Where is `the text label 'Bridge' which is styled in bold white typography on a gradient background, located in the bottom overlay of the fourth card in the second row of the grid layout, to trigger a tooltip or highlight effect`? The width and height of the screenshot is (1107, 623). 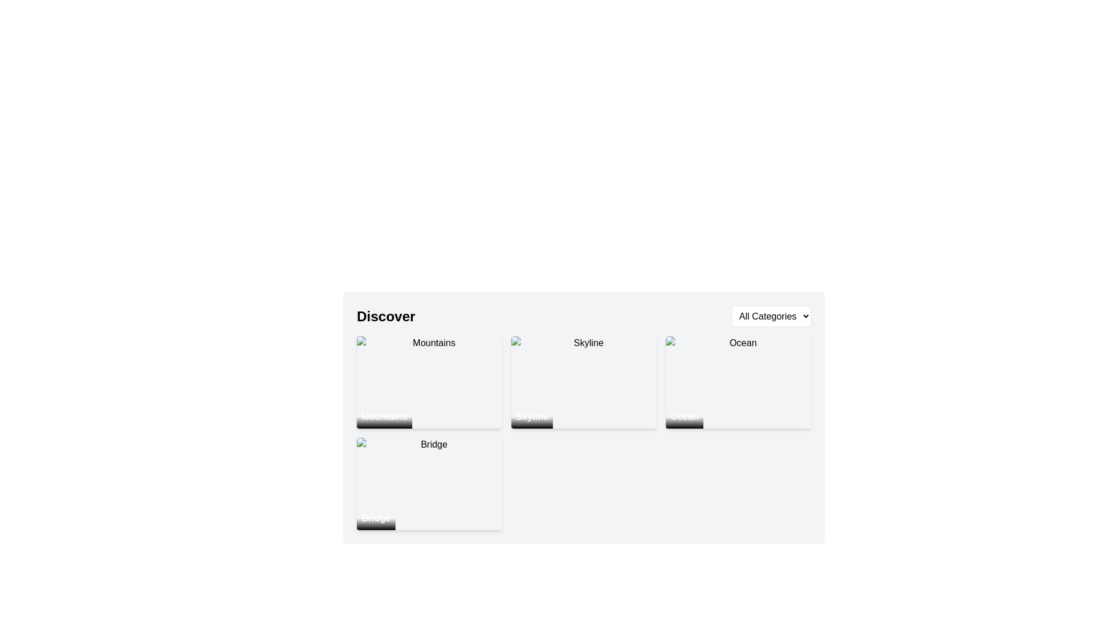 the text label 'Bridge' which is styled in bold white typography on a gradient background, located in the bottom overlay of the fourth card in the second row of the grid layout, to trigger a tooltip or highlight effect is located at coordinates (376, 517).